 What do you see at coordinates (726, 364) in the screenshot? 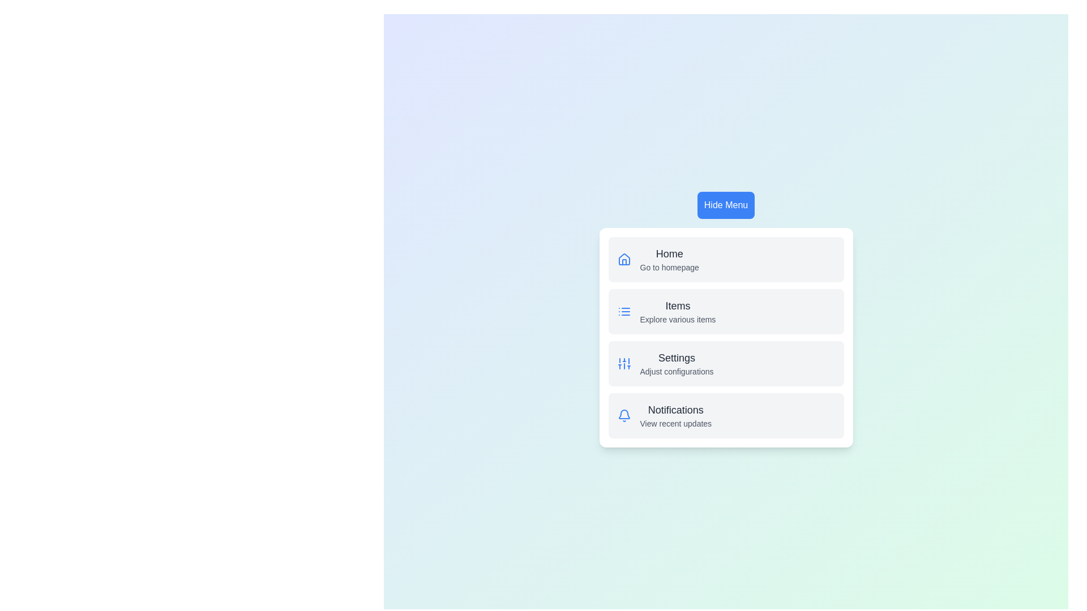
I see `the menu item labeled Settings to observe the hover state change` at bounding box center [726, 364].